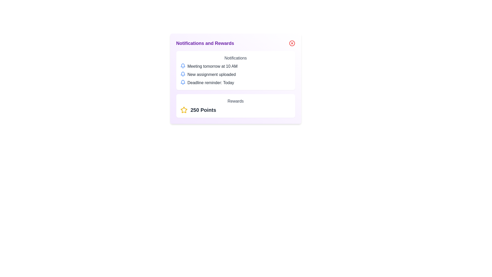 This screenshot has height=277, width=492. Describe the element at coordinates (212, 66) in the screenshot. I see `the notification text informing about the upcoming meeting scheduled for tomorrow at 10 AM in the Notifications and Rewards panel for possible additional interactions` at that location.